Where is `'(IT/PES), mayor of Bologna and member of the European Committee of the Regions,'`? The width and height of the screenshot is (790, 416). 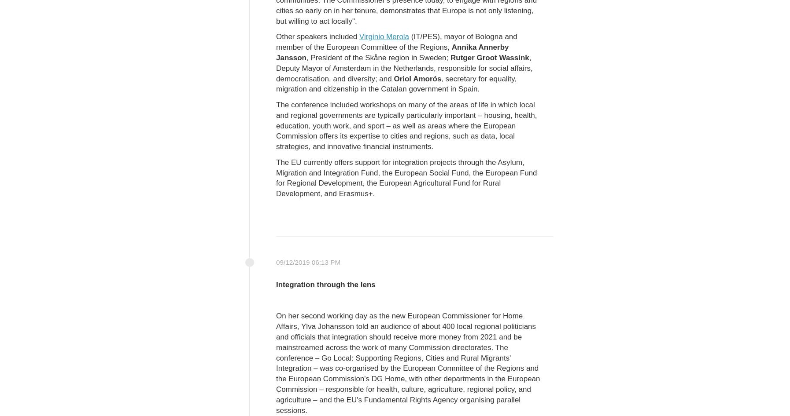
'(IT/PES), mayor of Bologna and member of the European Committee of the Regions,' is located at coordinates (396, 41).